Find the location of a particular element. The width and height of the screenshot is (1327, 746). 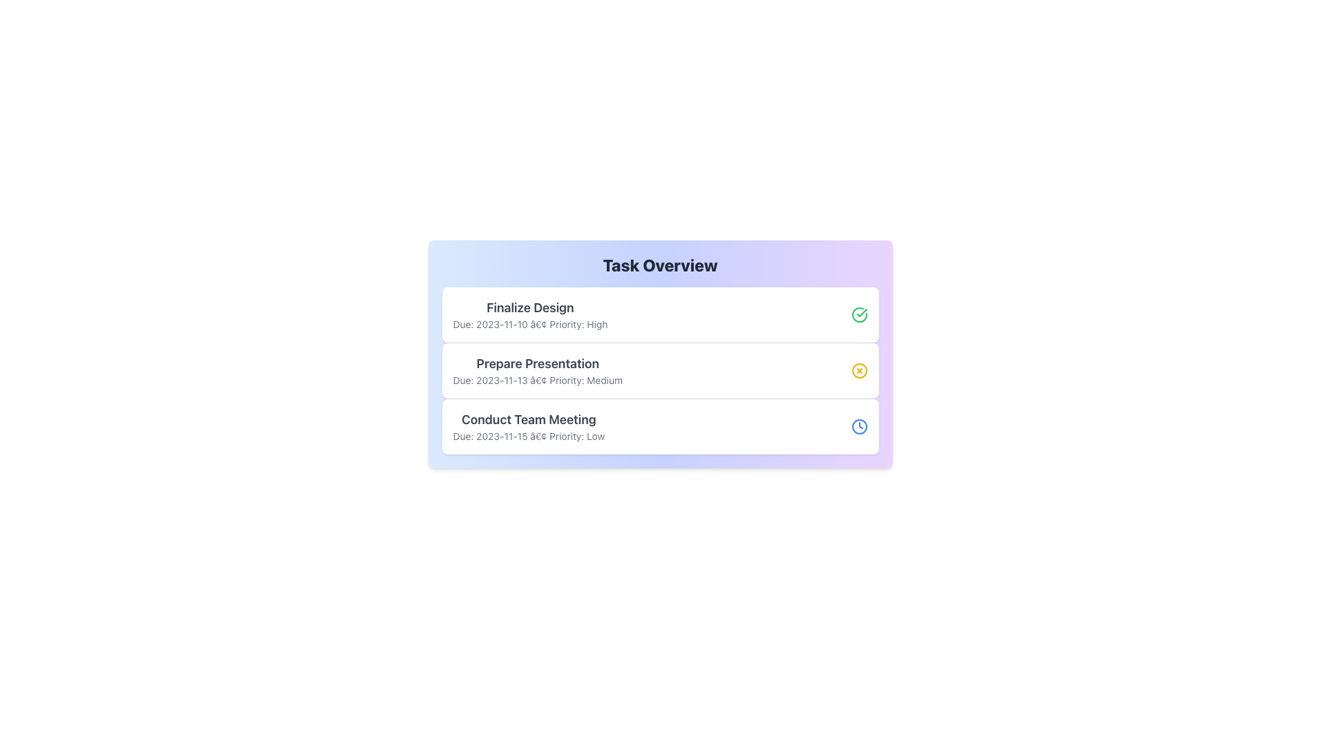

the non-interactive text element that provides secondary information about the task, specifying the due date and priority level of 'High,' located below the task title 'Finalize Design.' is located at coordinates (529, 325).